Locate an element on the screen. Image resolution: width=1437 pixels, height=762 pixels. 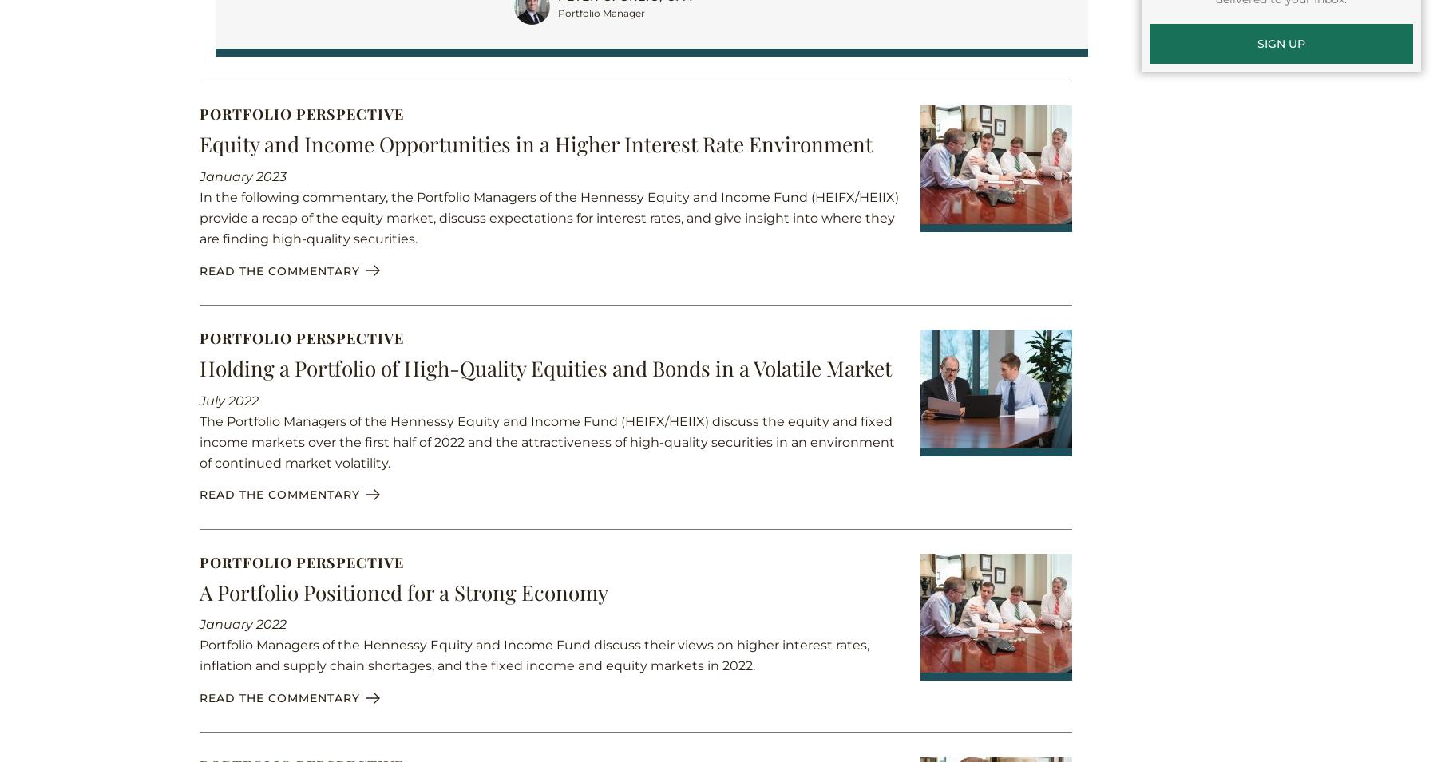
'July 2022' is located at coordinates (228, 400).